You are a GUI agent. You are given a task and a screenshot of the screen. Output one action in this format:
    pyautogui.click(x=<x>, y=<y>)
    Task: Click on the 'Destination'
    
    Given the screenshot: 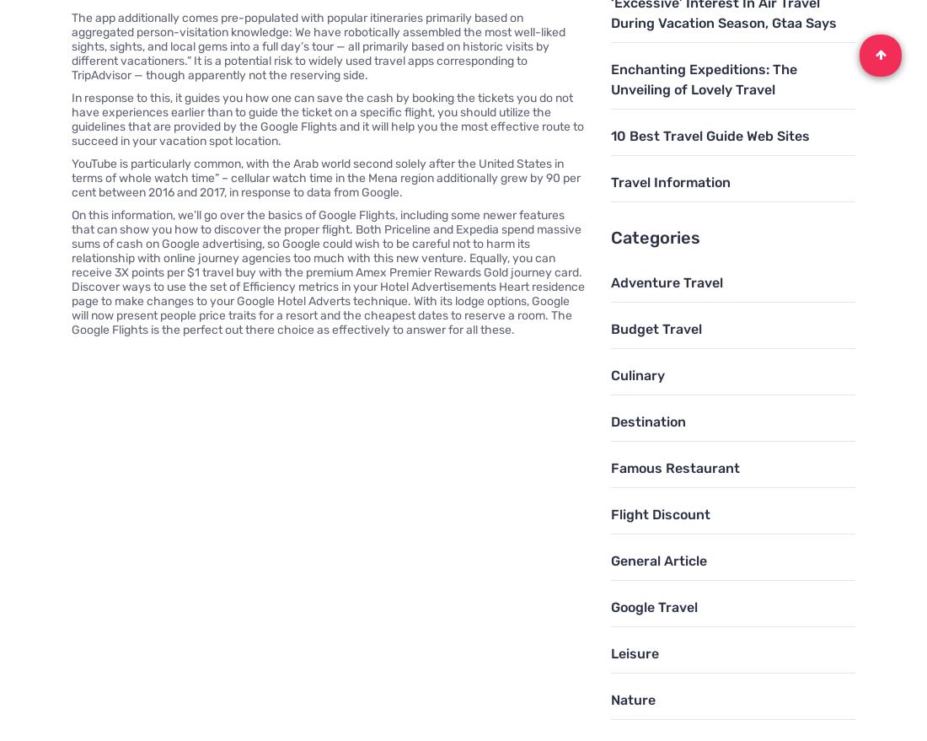 What is the action you would take?
    pyautogui.click(x=647, y=420)
    